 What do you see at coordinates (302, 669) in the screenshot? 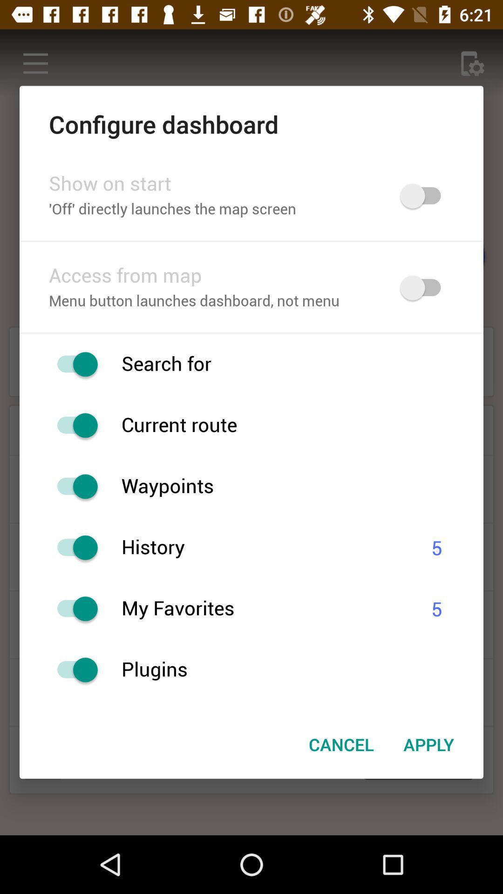
I see `the plugins` at bounding box center [302, 669].